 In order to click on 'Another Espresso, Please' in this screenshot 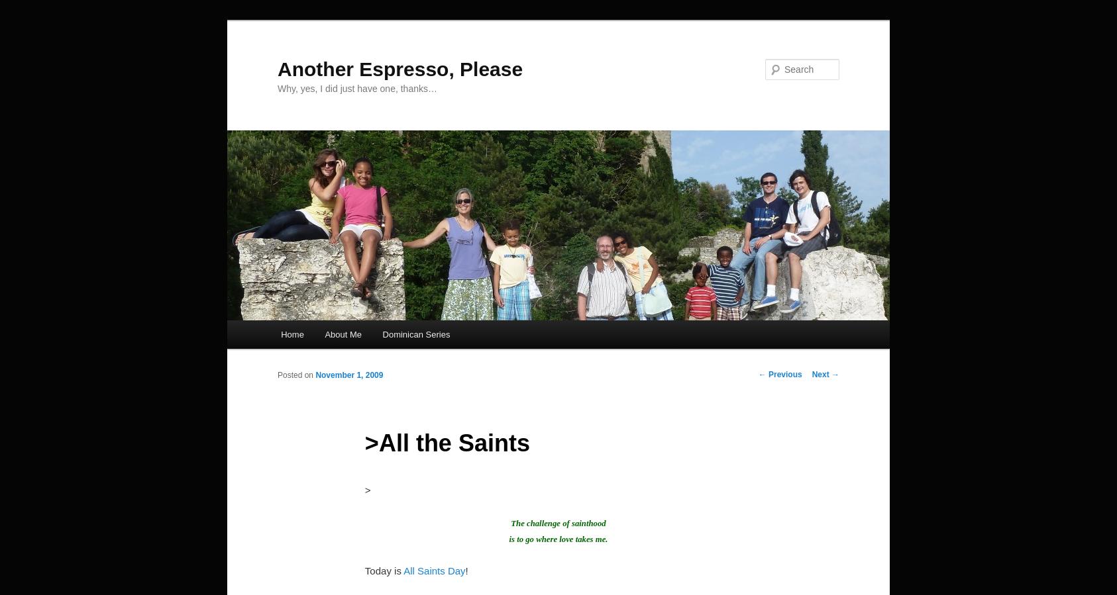, I will do `click(276, 68)`.